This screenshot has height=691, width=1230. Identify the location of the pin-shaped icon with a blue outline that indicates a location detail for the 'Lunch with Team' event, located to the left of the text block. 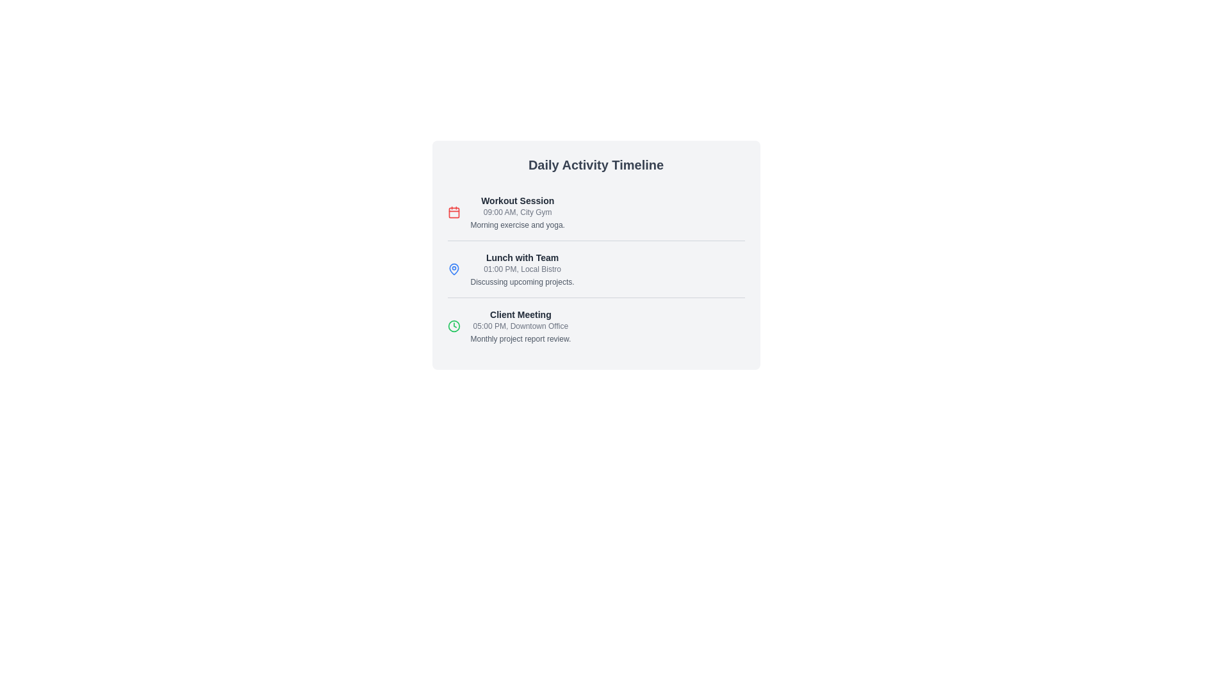
(454, 268).